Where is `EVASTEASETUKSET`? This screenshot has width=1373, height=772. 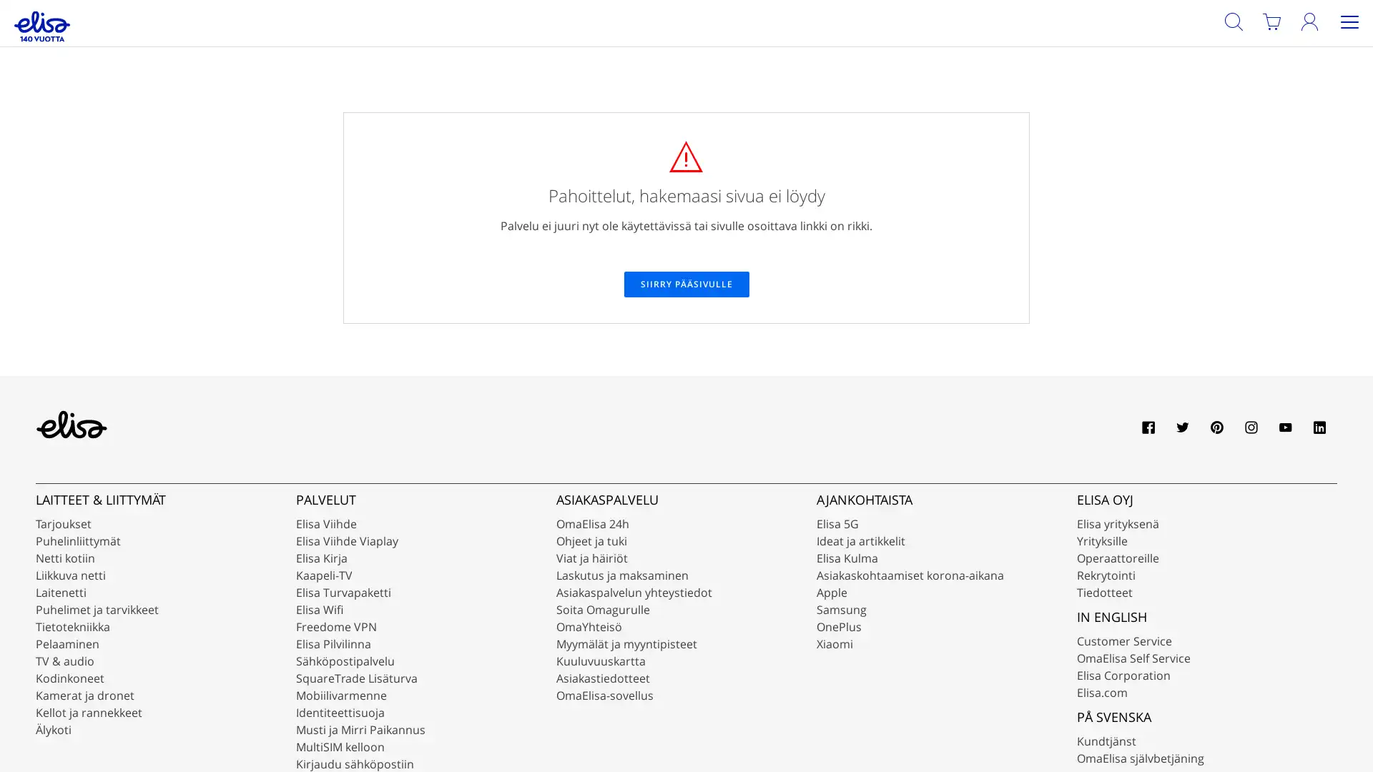
EVASTEASETUKSET is located at coordinates (1177, 721).